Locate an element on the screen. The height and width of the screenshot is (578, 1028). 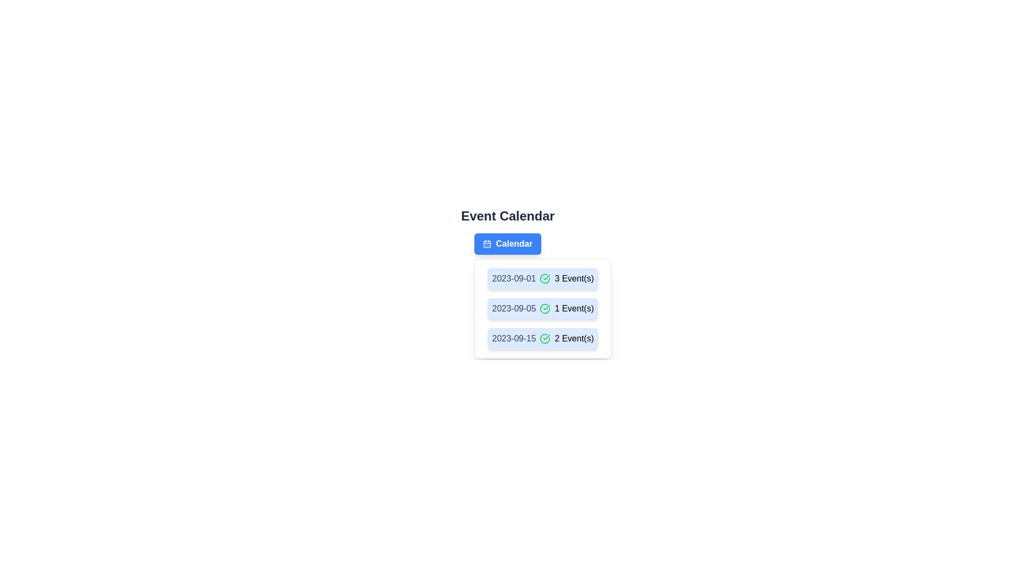
the confirmation icon located to the left of '2 Event(s)' in the list item dated 2023-09-15 is located at coordinates (545, 338).